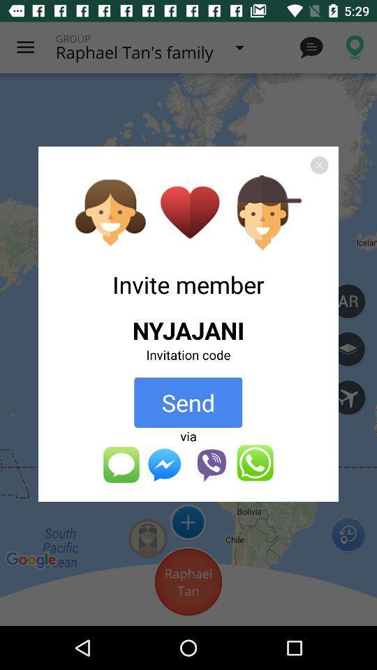 Image resolution: width=377 pixels, height=670 pixels. Describe the element at coordinates (188, 435) in the screenshot. I see `the via app` at that location.